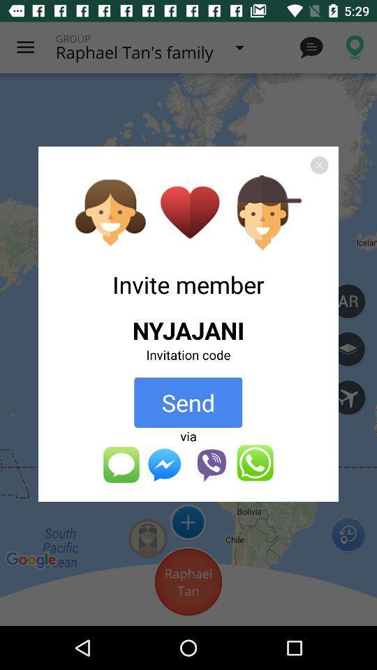 Image resolution: width=377 pixels, height=670 pixels. Describe the element at coordinates (188, 435) in the screenshot. I see `the via app` at that location.